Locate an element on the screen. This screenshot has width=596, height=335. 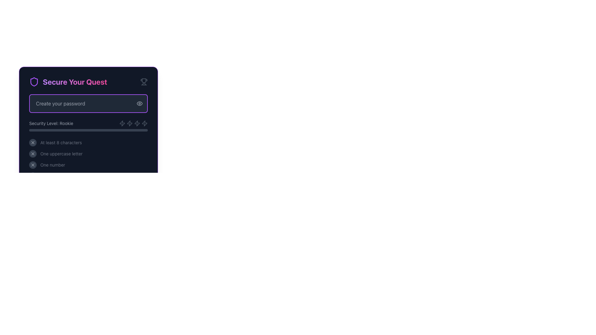
the security level label that provides real-time feedback on password creation is located at coordinates (51, 123).